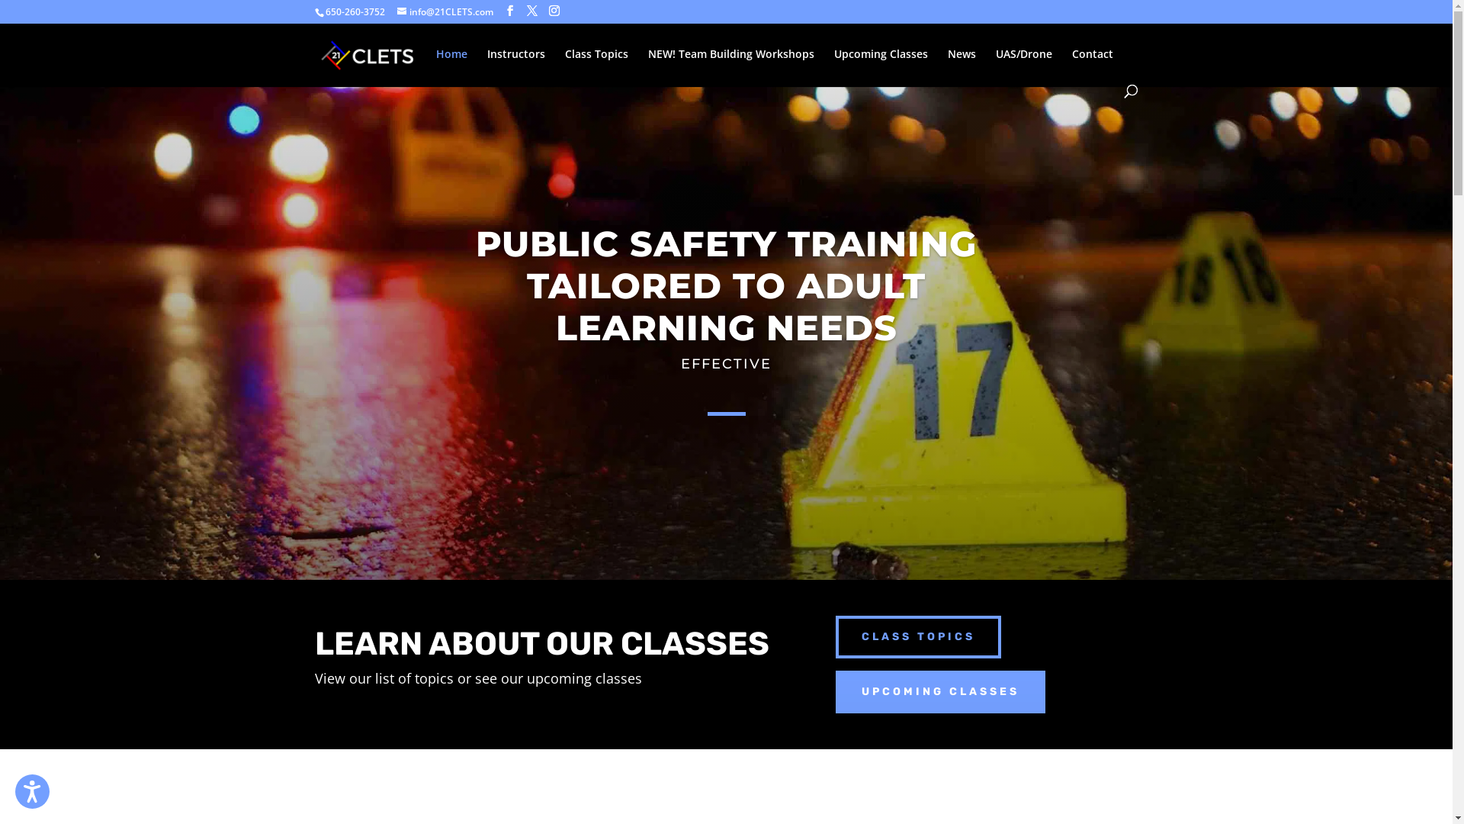 The width and height of the screenshot is (1464, 824). What do you see at coordinates (939, 691) in the screenshot?
I see `'UPCOMING CLASSES'` at bounding box center [939, 691].